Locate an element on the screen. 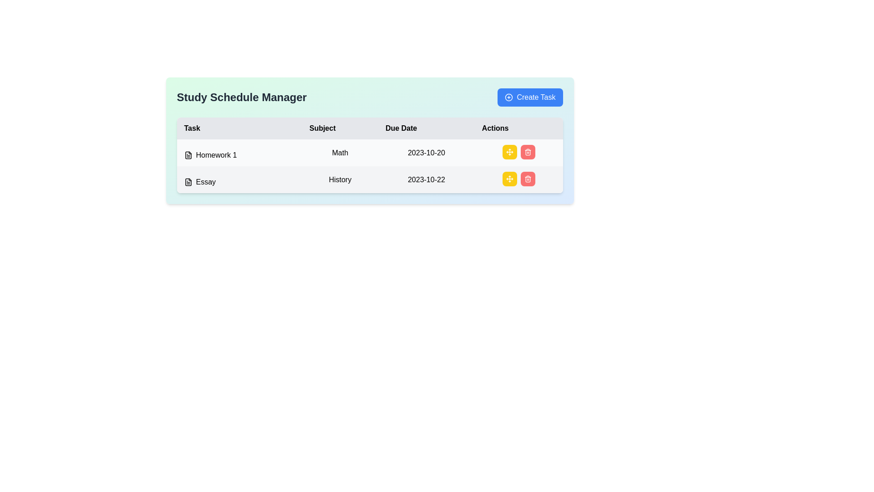 This screenshot has height=492, width=874. the delete icon button in the 'Actions' column of the second row for the task labeled 'Essay' is located at coordinates (528, 152).